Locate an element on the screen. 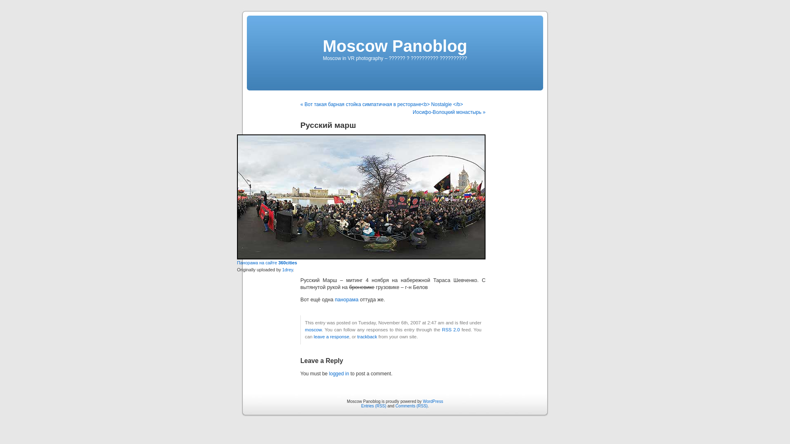 This screenshot has height=444, width=790. '1drey' is located at coordinates (282, 269).